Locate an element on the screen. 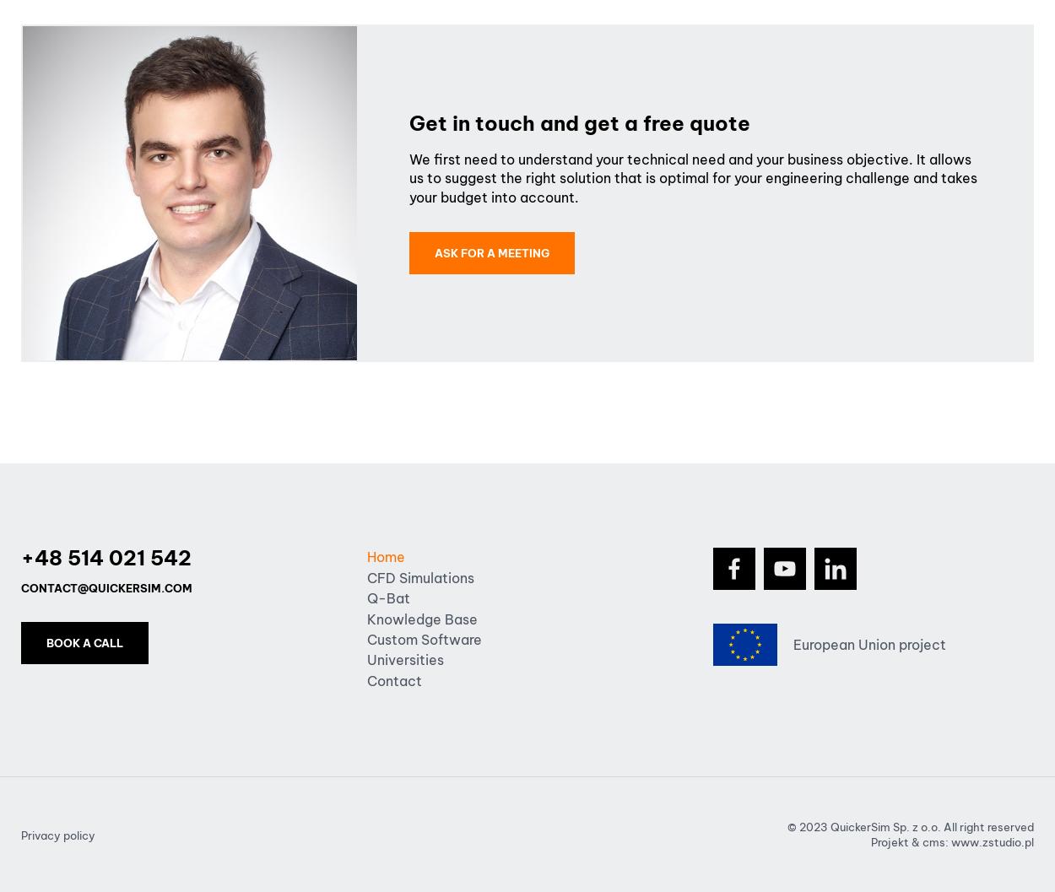  'Custom Software' is located at coordinates (425, 639).